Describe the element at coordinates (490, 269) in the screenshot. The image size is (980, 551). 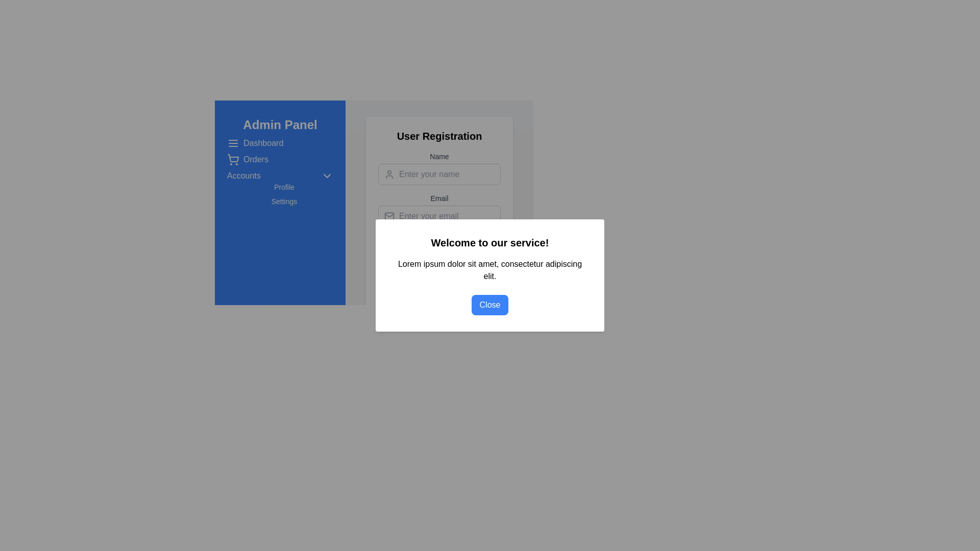
I see `the static informational text element that provides additional descriptive content in the modal dialog box, located between the title 'Welcome to our service!' and the 'Close' button` at that location.